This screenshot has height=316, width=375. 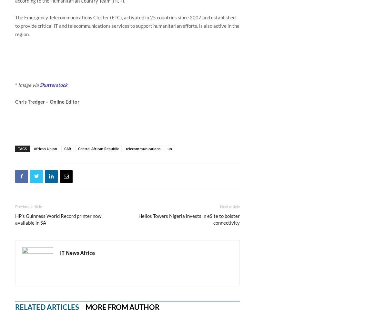 What do you see at coordinates (77, 252) in the screenshot?
I see `'IT News Africa'` at bounding box center [77, 252].